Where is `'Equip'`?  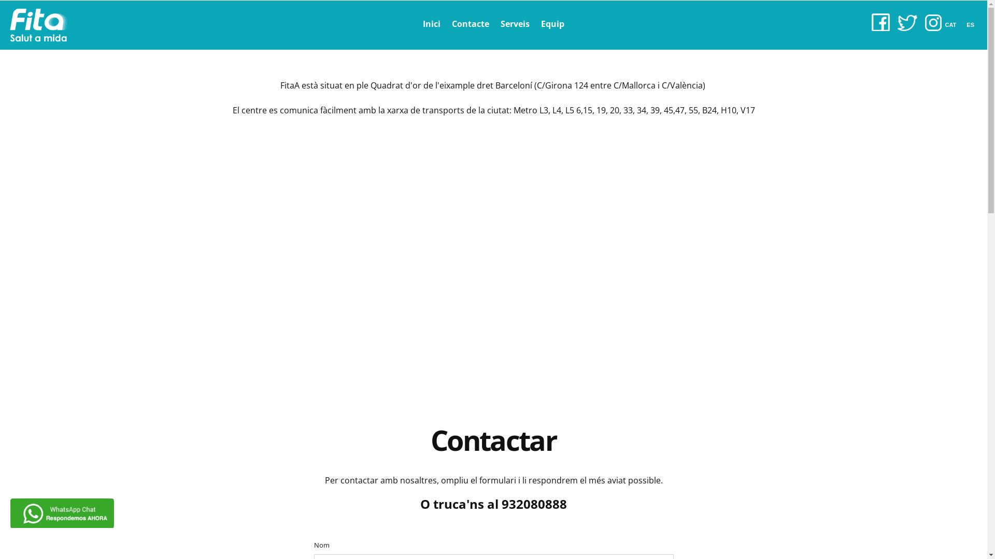
'Equip' is located at coordinates (552, 23).